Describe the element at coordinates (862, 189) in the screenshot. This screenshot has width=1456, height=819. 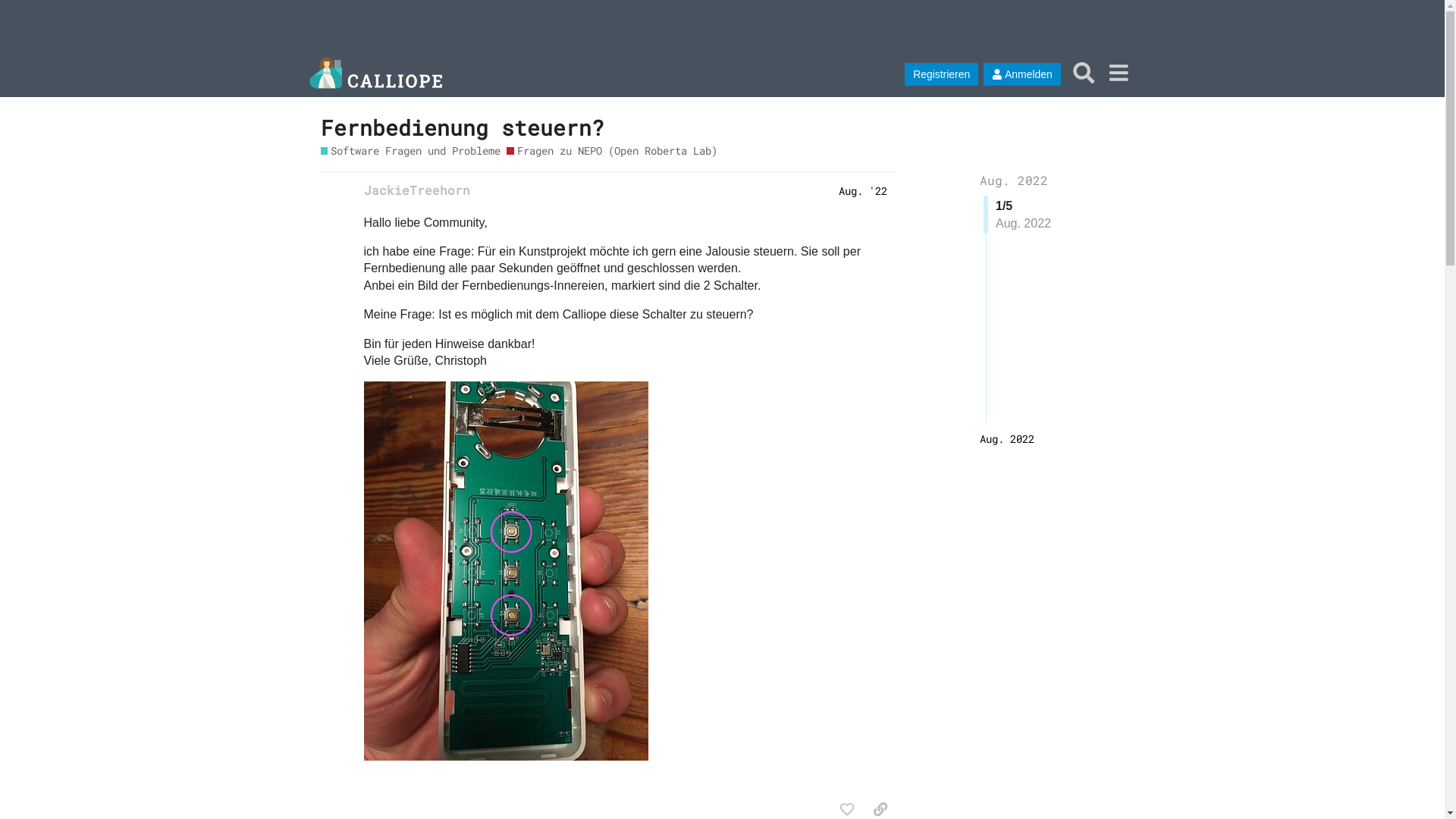
I see `'Aug. '22'` at that location.